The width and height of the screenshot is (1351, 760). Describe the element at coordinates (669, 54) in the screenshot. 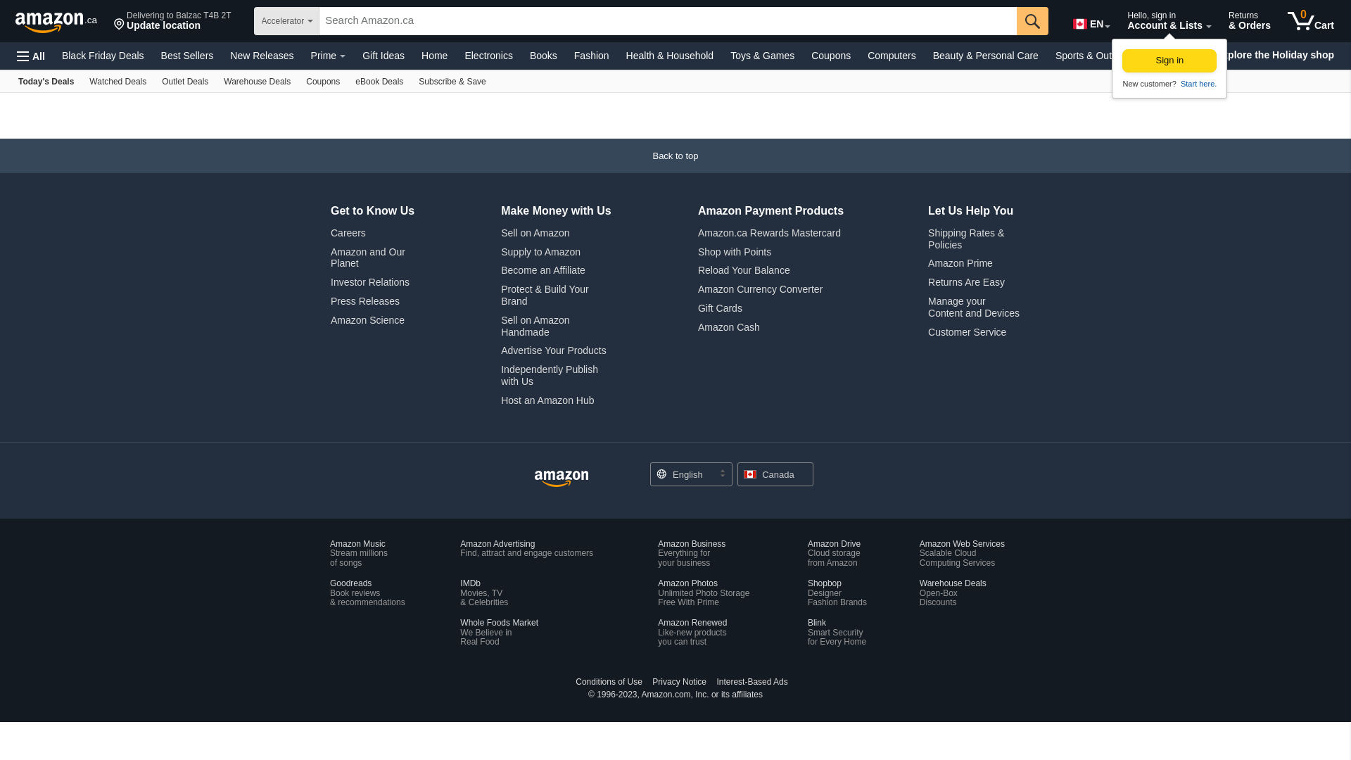

I see `'Health & Household'` at that location.